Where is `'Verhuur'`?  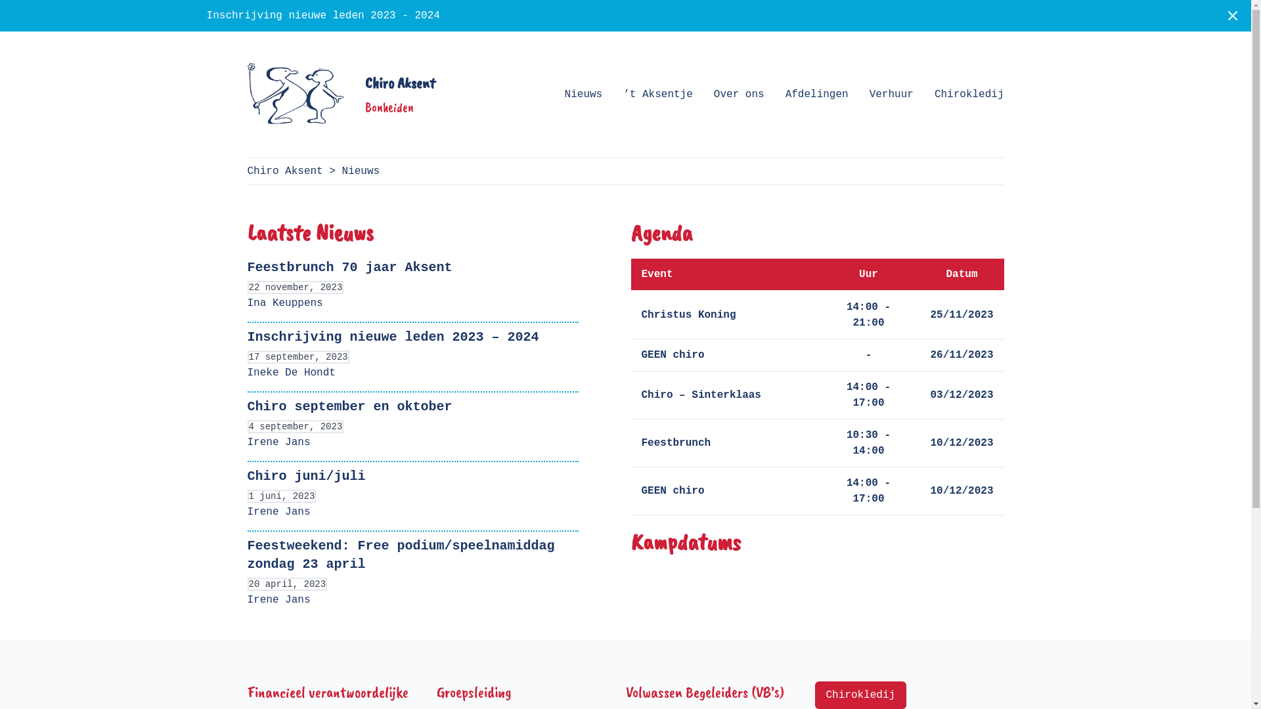
'Verhuur' is located at coordinates (891, 93).